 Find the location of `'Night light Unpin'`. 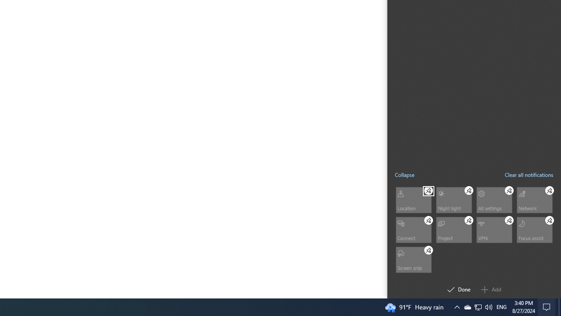

'Night light Unpin' is located at coordinates (469, 190).